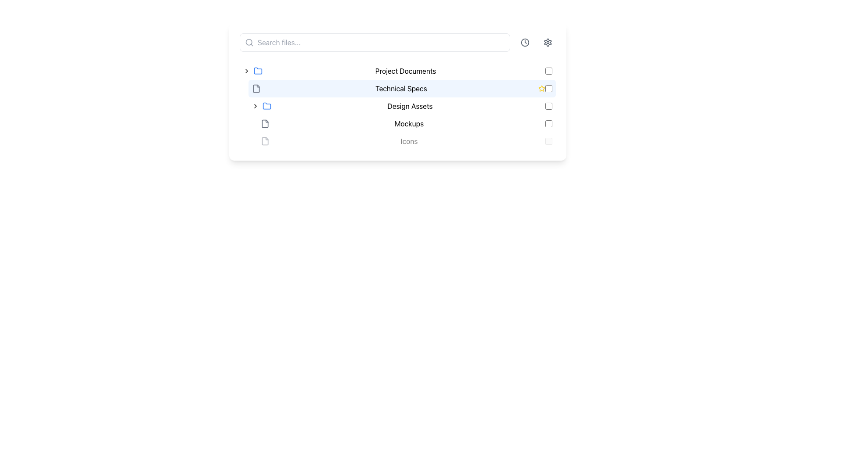 The width and height of the screenshot is (843, 474). I want to click on the blue folder icon in the file manager interface, located near the 'Technical Specs' row, so click(267, 105).